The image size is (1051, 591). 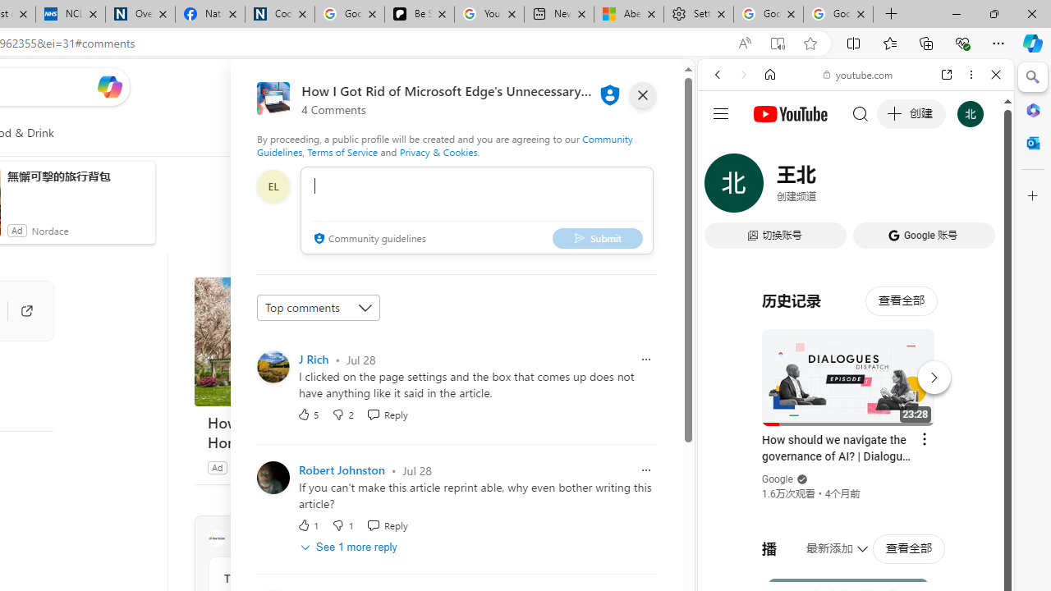 I want to click on 'Dislike', so click(x=342, y=525).